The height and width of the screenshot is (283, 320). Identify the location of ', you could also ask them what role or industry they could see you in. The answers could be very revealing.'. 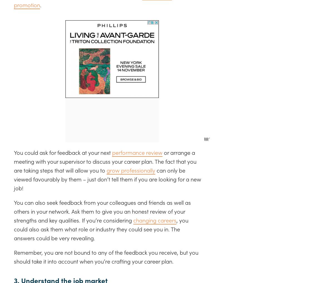
(14, 229).